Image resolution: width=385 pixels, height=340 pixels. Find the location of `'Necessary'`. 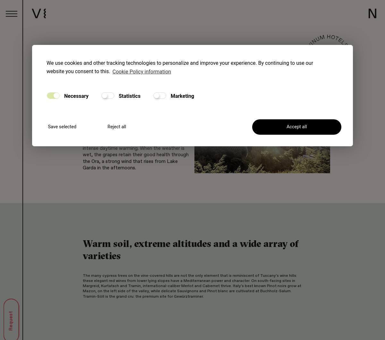

'Necessary' is located at coordinates (75, 96).